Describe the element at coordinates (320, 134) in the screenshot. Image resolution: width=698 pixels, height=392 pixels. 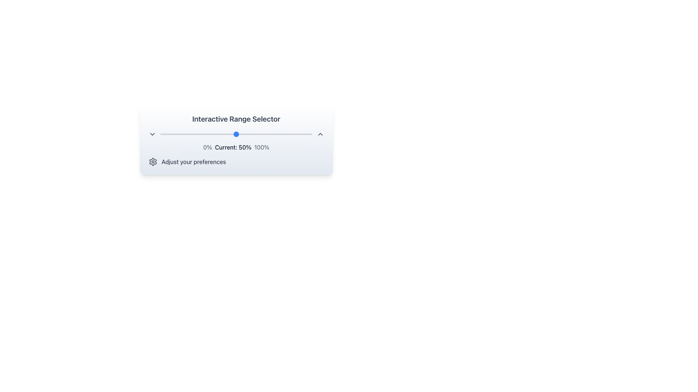
I see `the upward-facing chevron icon for increment adjustment to increase the associated range value` at that location.